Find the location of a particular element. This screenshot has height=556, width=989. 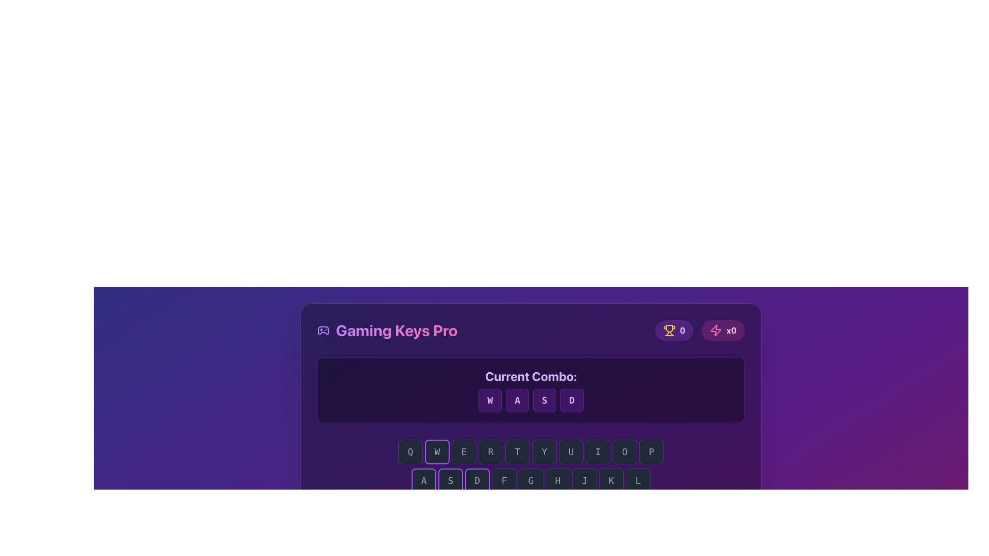

the static informational display that shows the current key combination 'W', 'A', 'S', 'D' located above the grid of keyboard keys, within the 'Gaming Keys Pro' section is located at coordinates (531, 390).